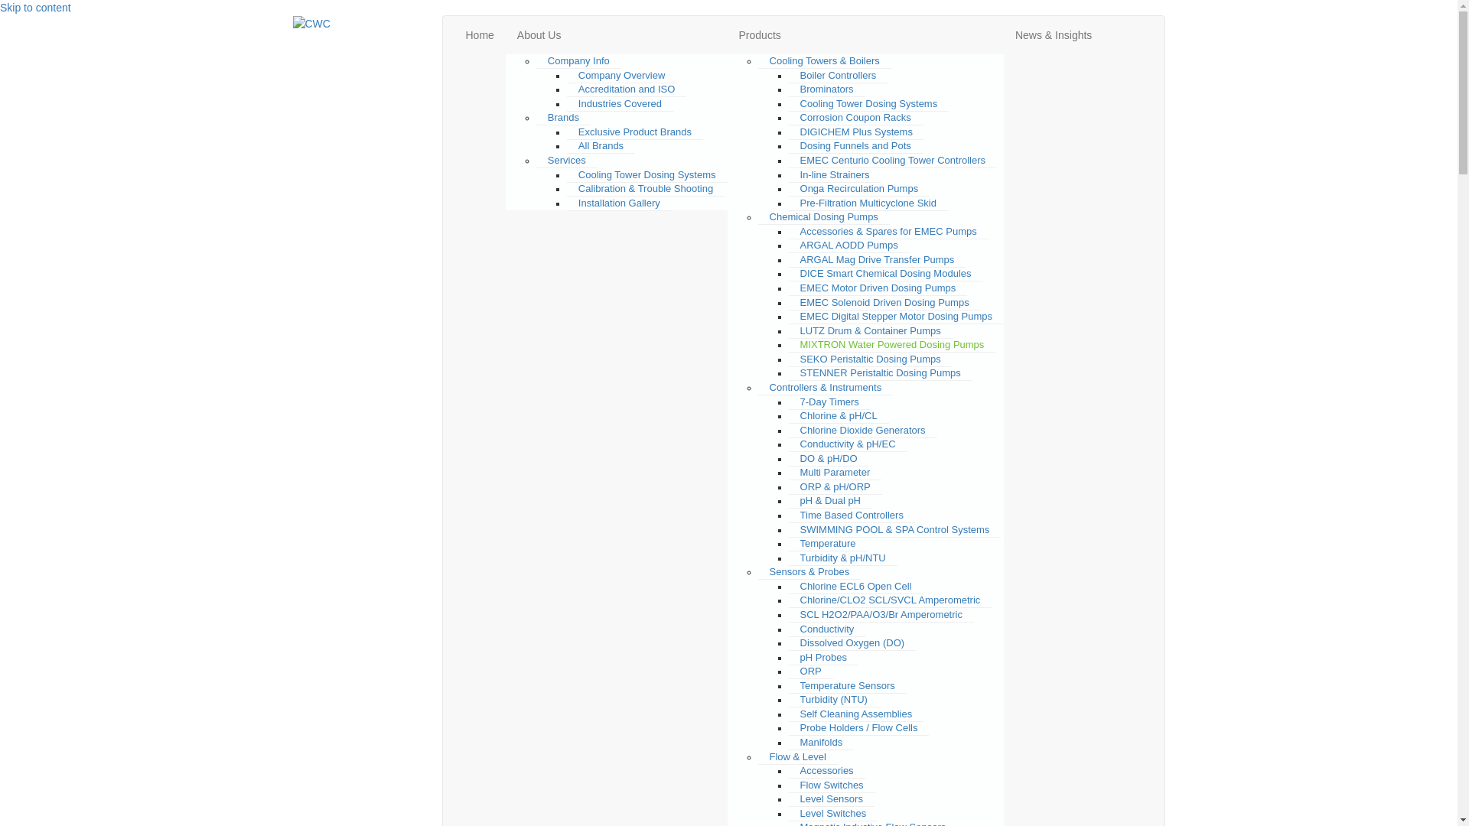  I want to click on 'Conductivity', so click(826, 628).